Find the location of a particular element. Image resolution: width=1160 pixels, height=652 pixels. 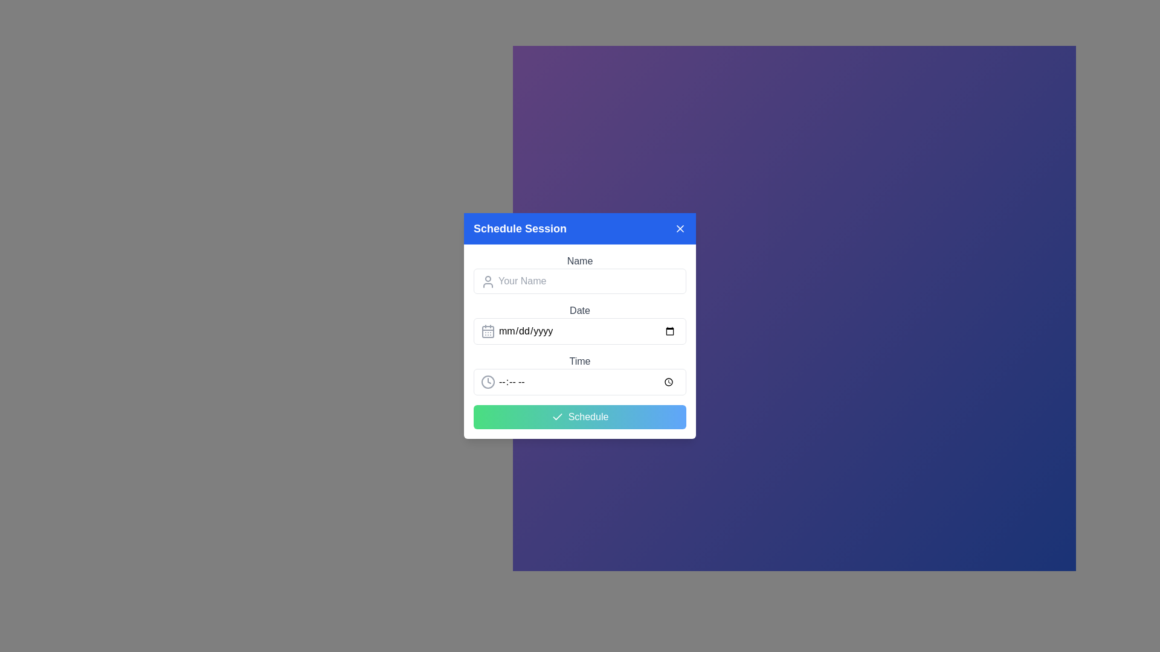

the decorative clock icon located to the left of the 'Time' input field to emphasize its time-related purpose is located at coordinates (488, 382).